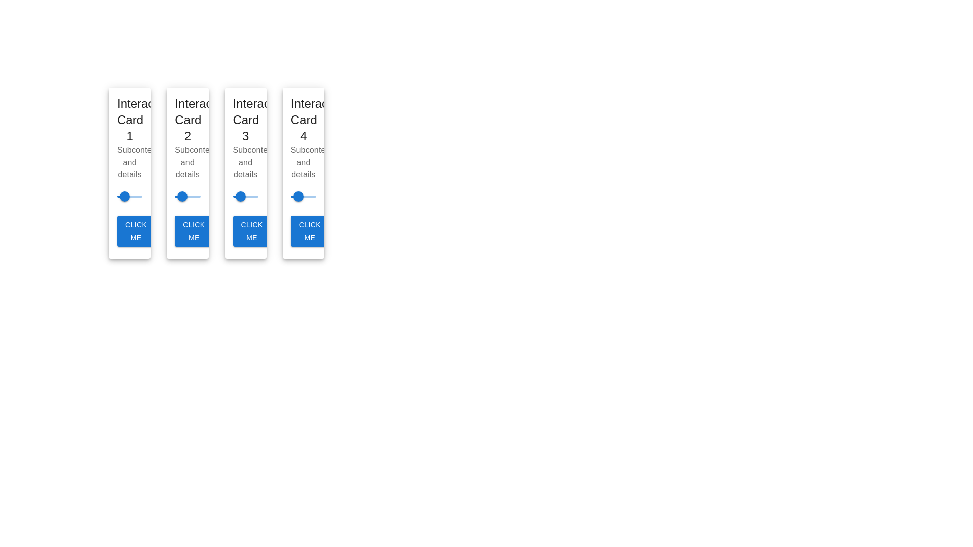 This screenshot has width=973, height=547. Describe the element at coordinates (252, 231) in the screenshot. I see `the rectangular button with rounded corners labeled 'Click Me'` at that location.